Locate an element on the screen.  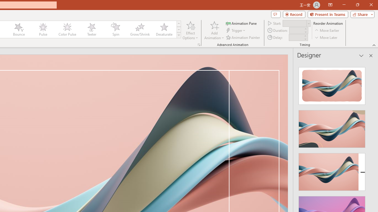
'Add Animation' is located at coordinates (214, 30).